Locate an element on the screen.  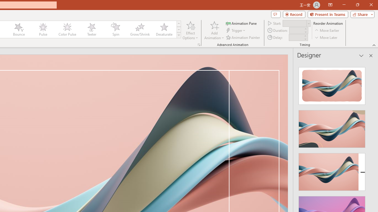
'Add Animation' is located at coordinates (214, 30).